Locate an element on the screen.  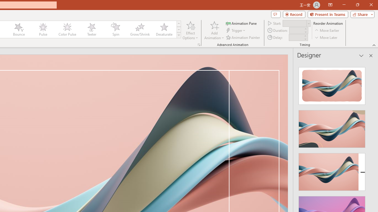
'Add Animation' is located at coordinates (214, 30).